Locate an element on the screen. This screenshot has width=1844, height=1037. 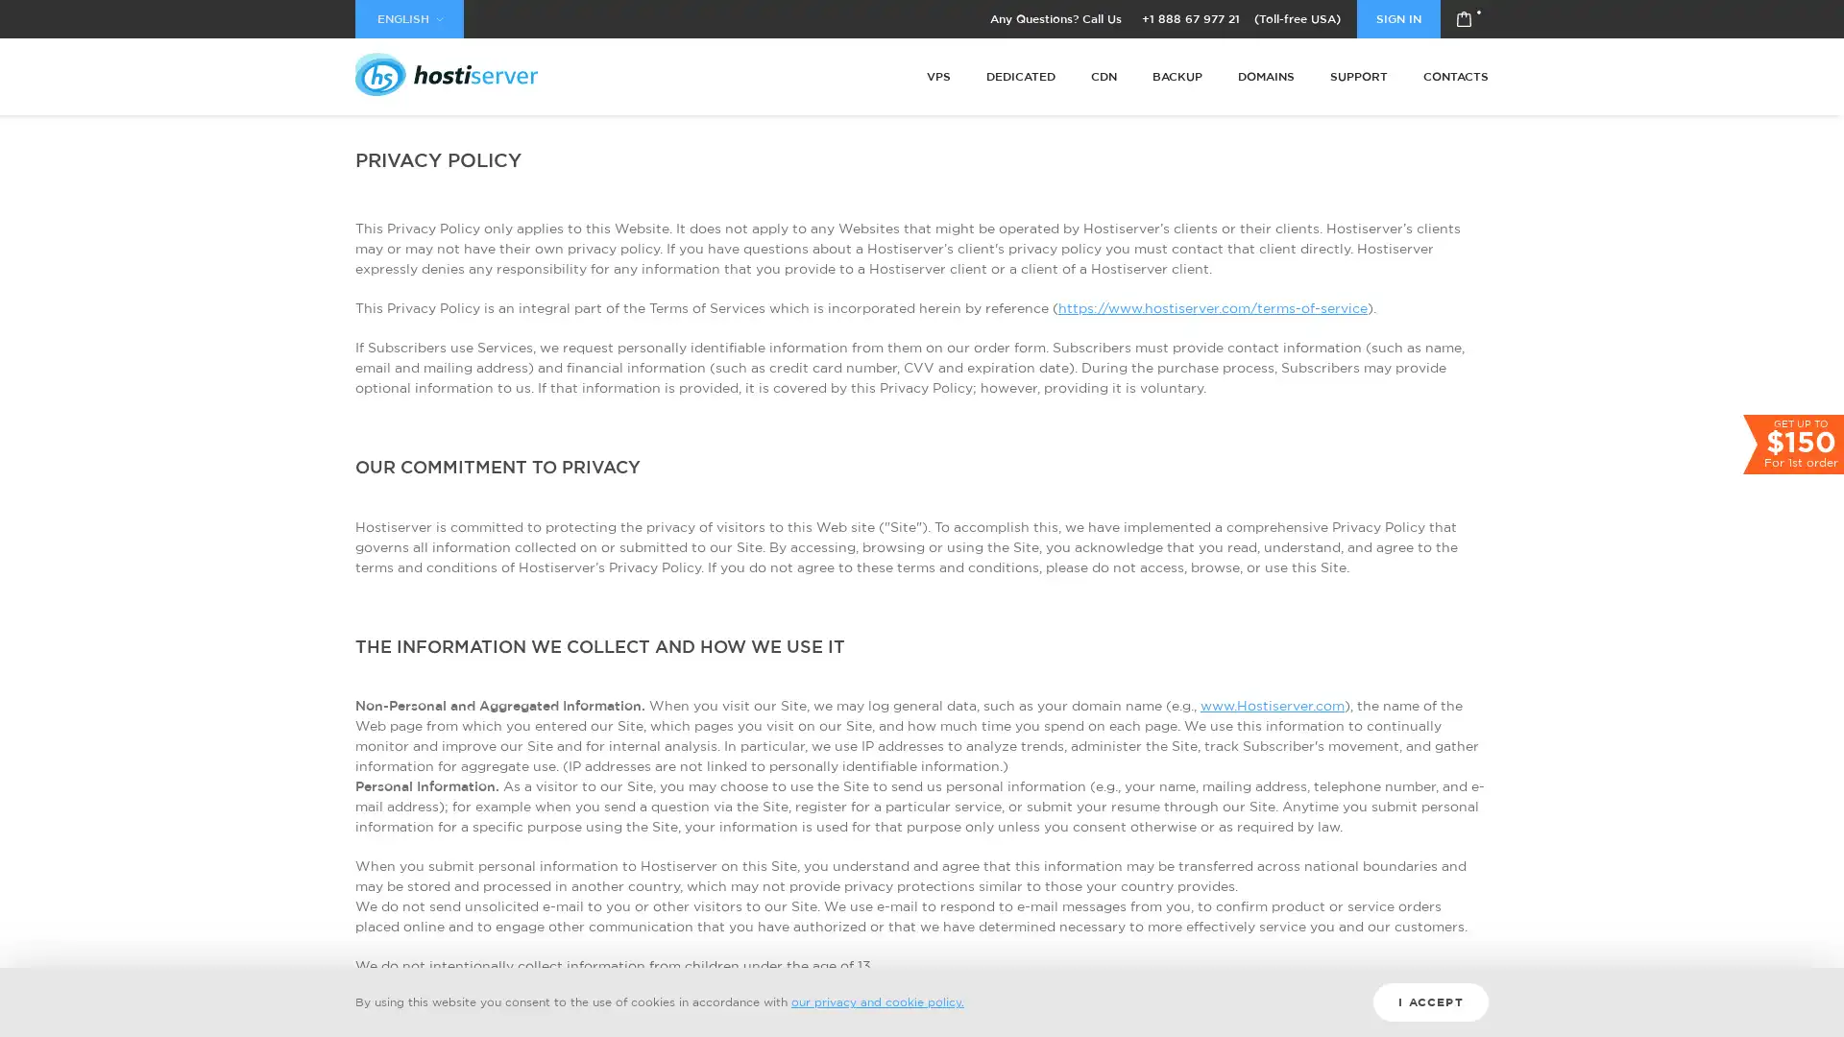
I ACCEPT is located at coordinates (1430, 1001).